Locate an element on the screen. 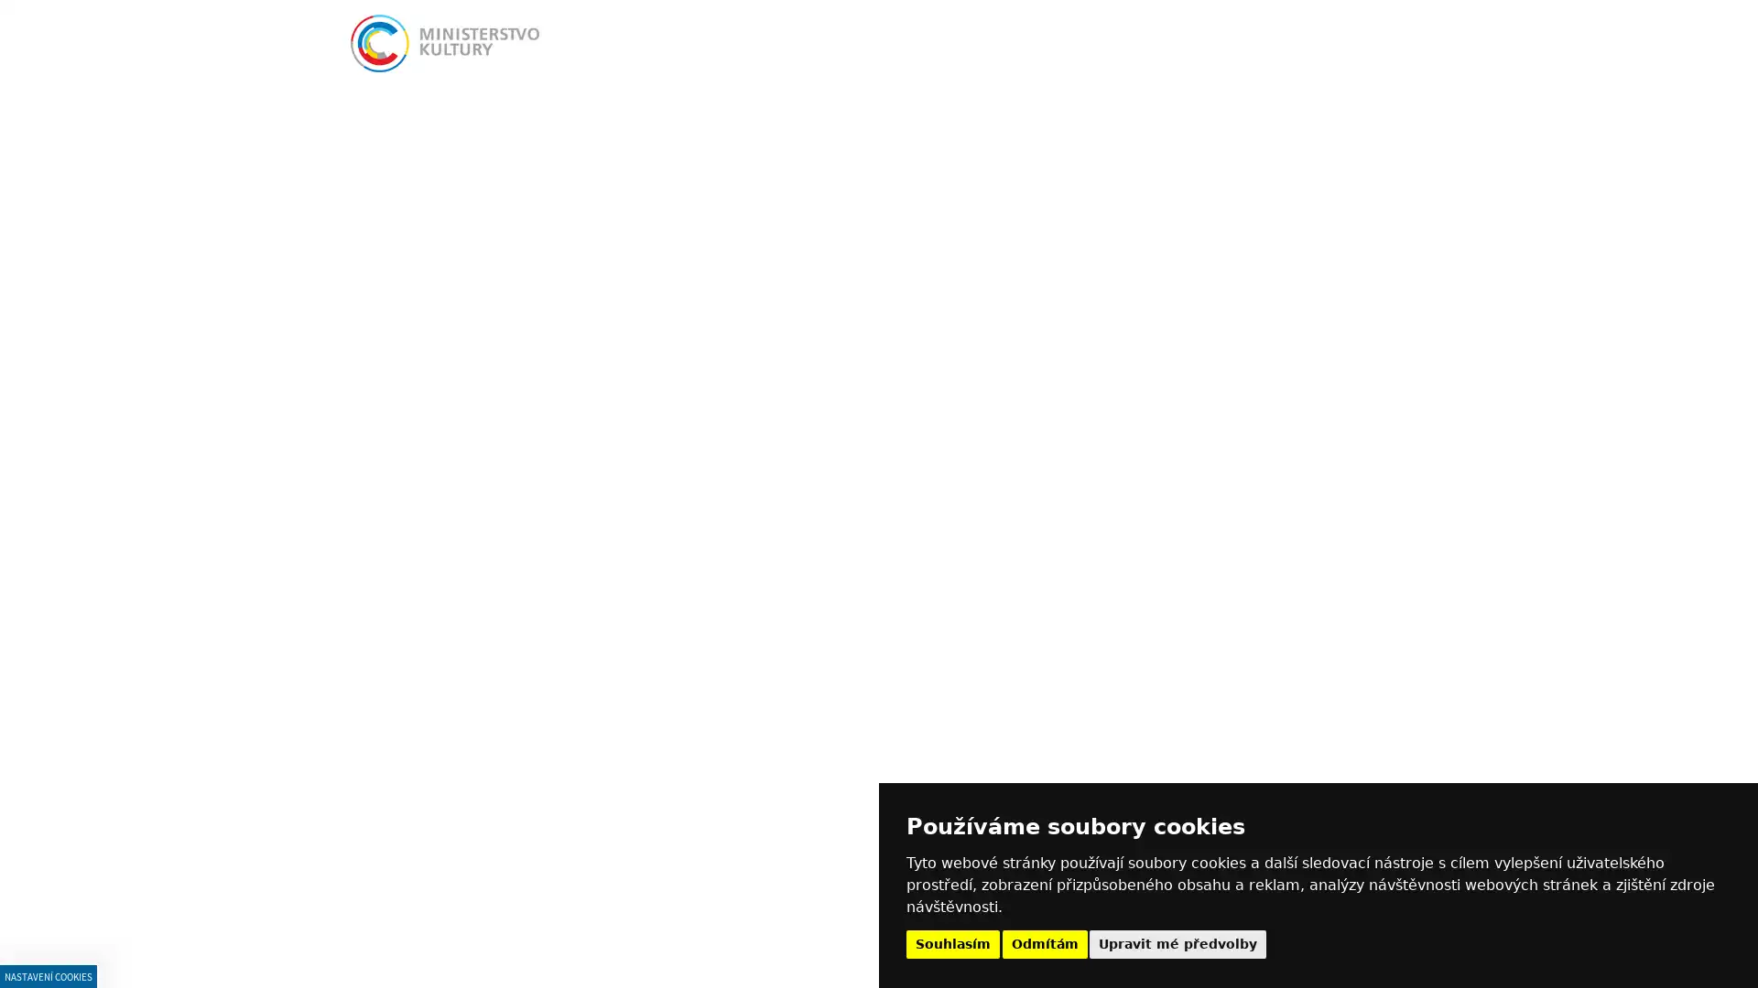 Image resolution: width=1758 pixels, height=988 pixels. Upravit me predvolby is located at coordinates (1177, 943).